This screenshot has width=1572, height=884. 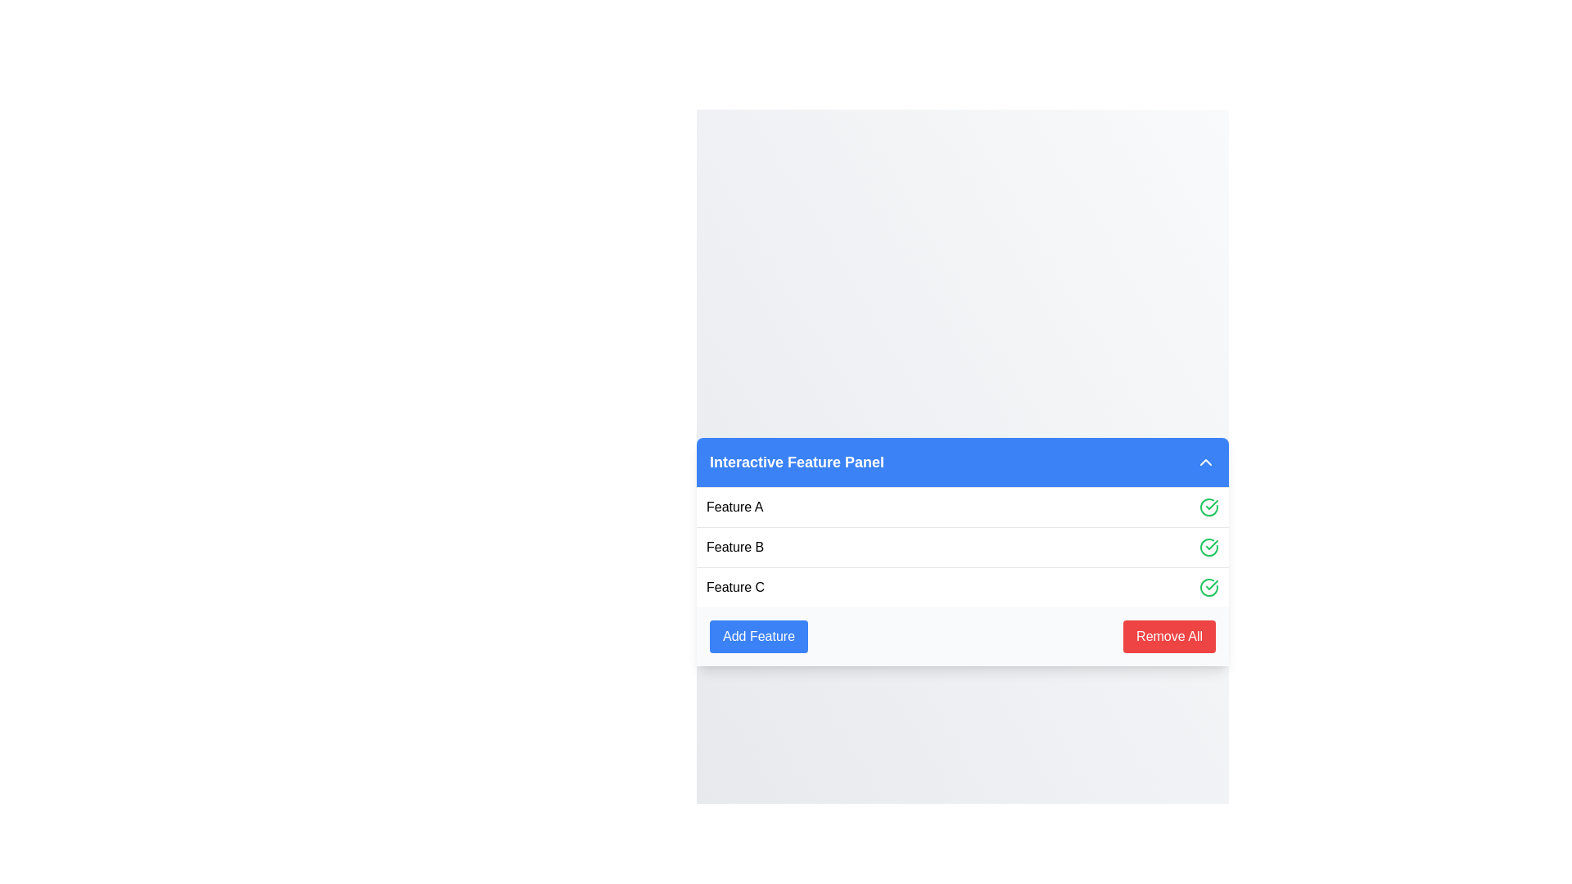 What do you see at coordinates (963, 505) in the screenshot?
I see `the first list item labeled 'Feature A' in the 'Interactive Feature Panel'` at bounding box center [963, 505].